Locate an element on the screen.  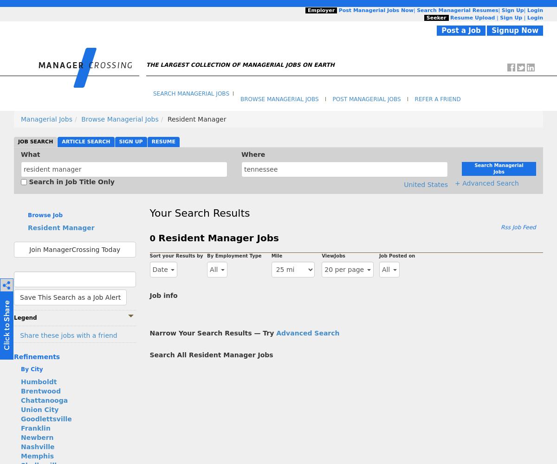
'Search 
									Managerial									Resumes' is located at coordinates (457, 10).